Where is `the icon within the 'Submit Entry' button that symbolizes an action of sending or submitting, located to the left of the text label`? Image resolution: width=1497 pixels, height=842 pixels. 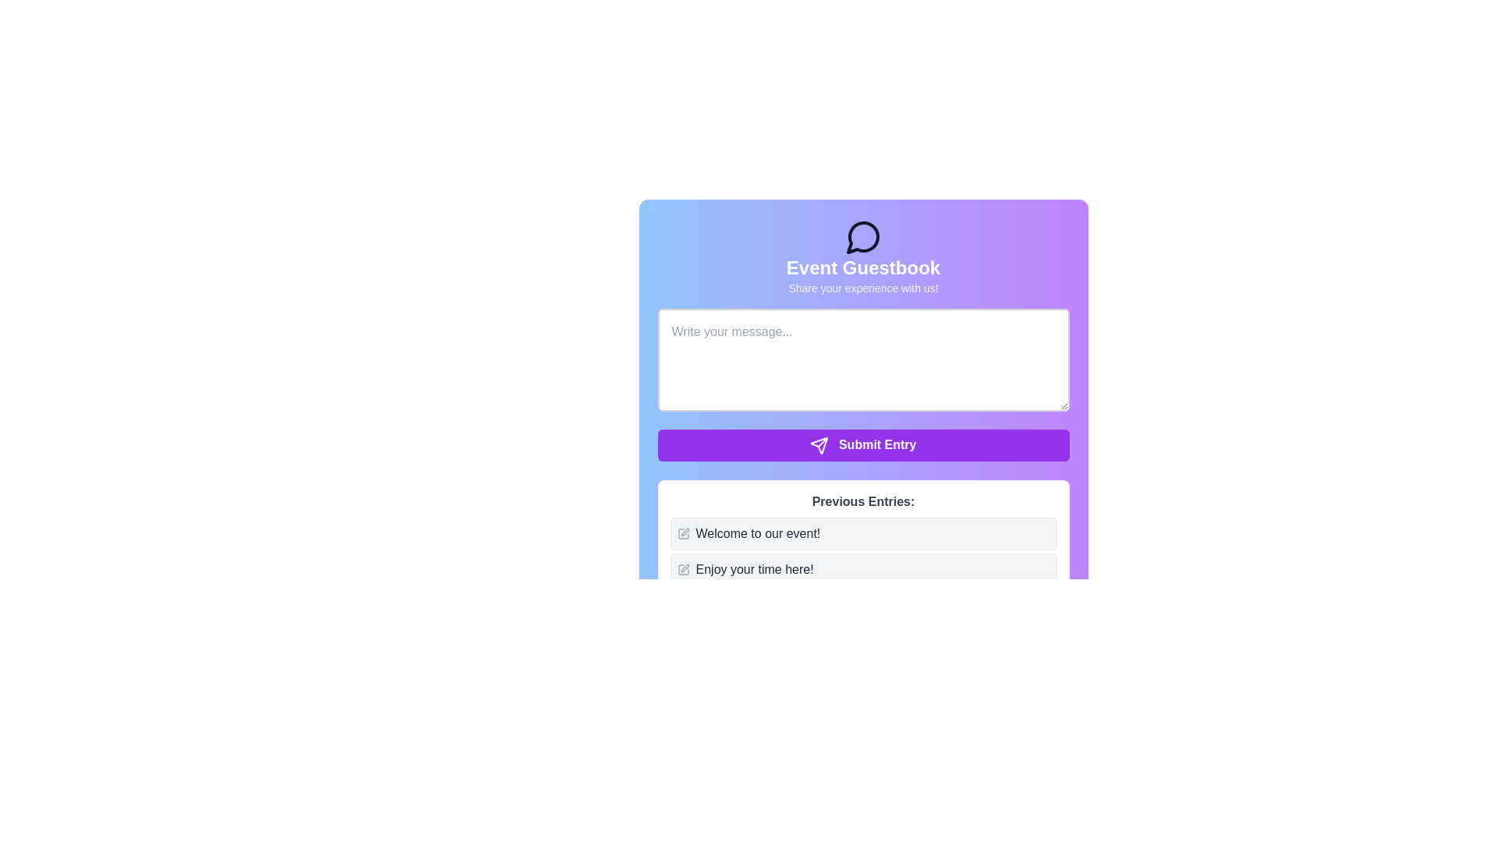
the icon within the 'Submit Entry' button that symbolizes an action of sending or submitting, located to the left of the text label is located at coordinates (819, 445).